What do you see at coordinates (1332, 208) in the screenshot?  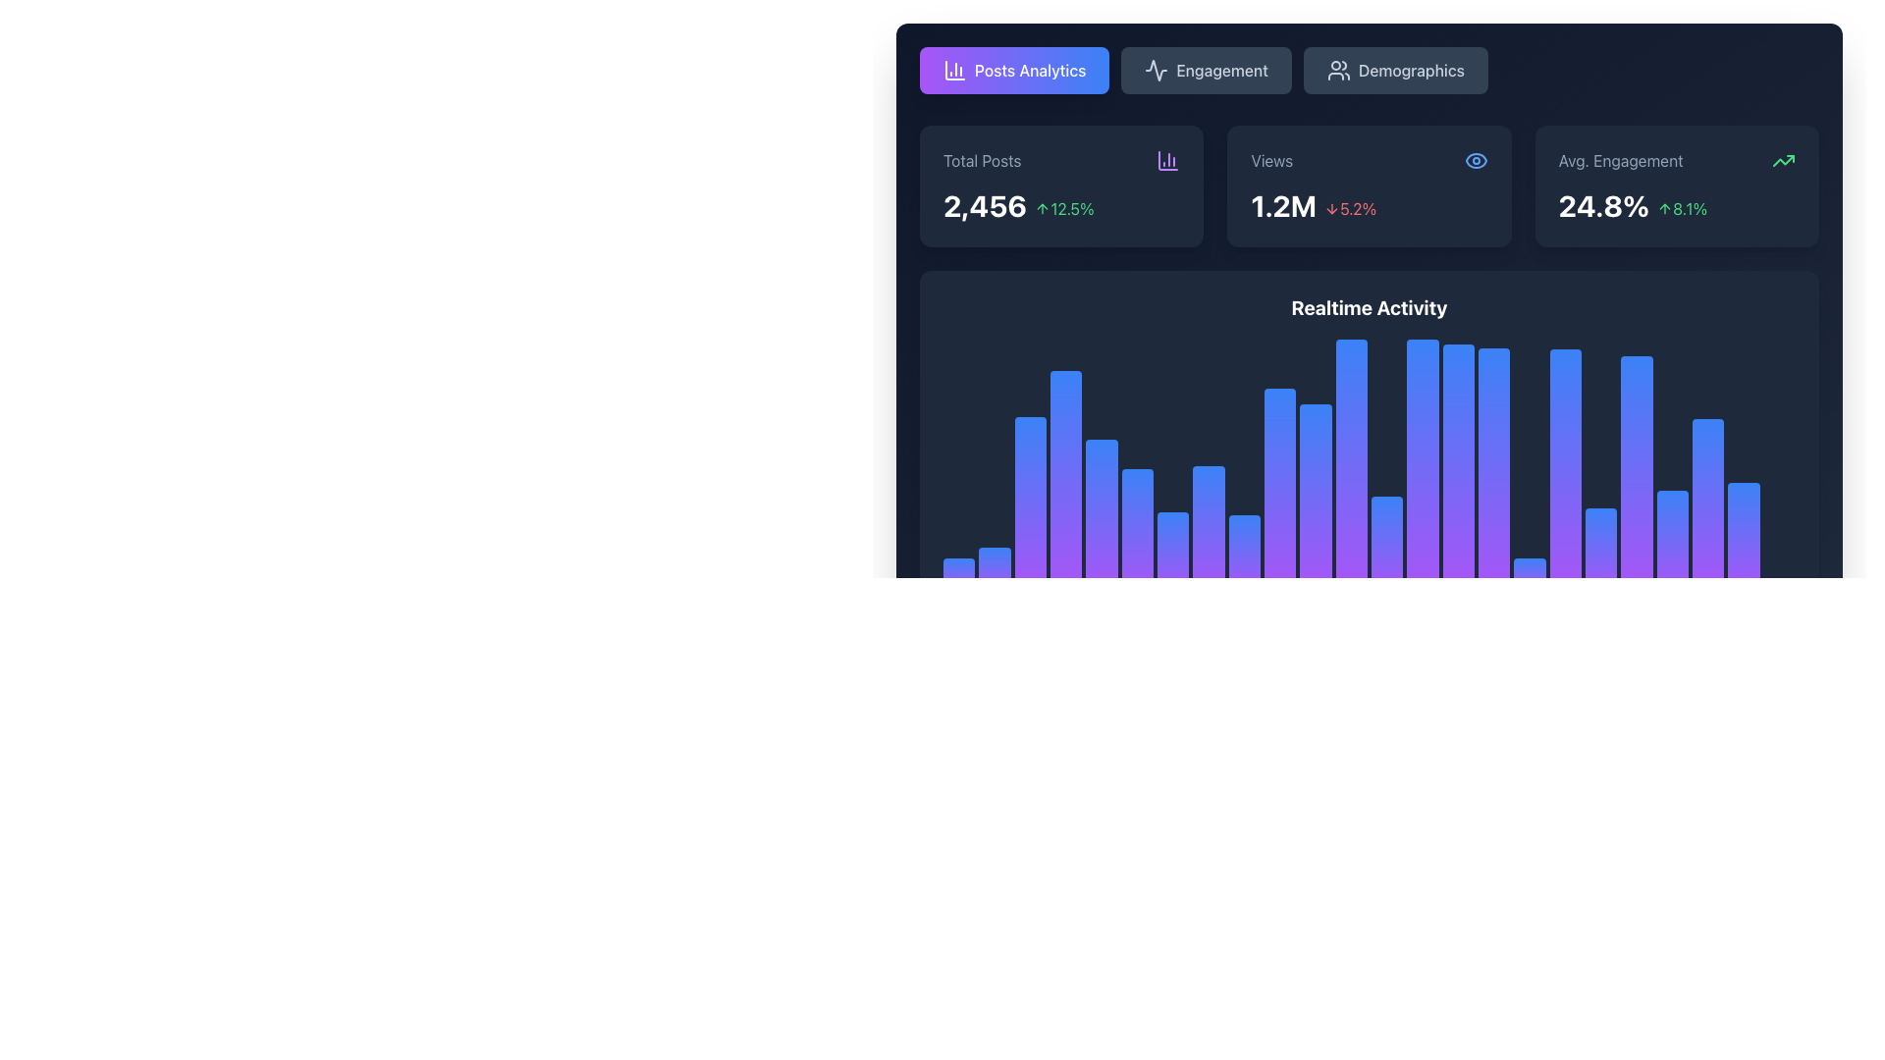 I see `the icon indicating a decrease or downward trend, located under the 'Views' label and next to the '1.2M' display and '5.2%' text` at bounding box center [1332, 208].